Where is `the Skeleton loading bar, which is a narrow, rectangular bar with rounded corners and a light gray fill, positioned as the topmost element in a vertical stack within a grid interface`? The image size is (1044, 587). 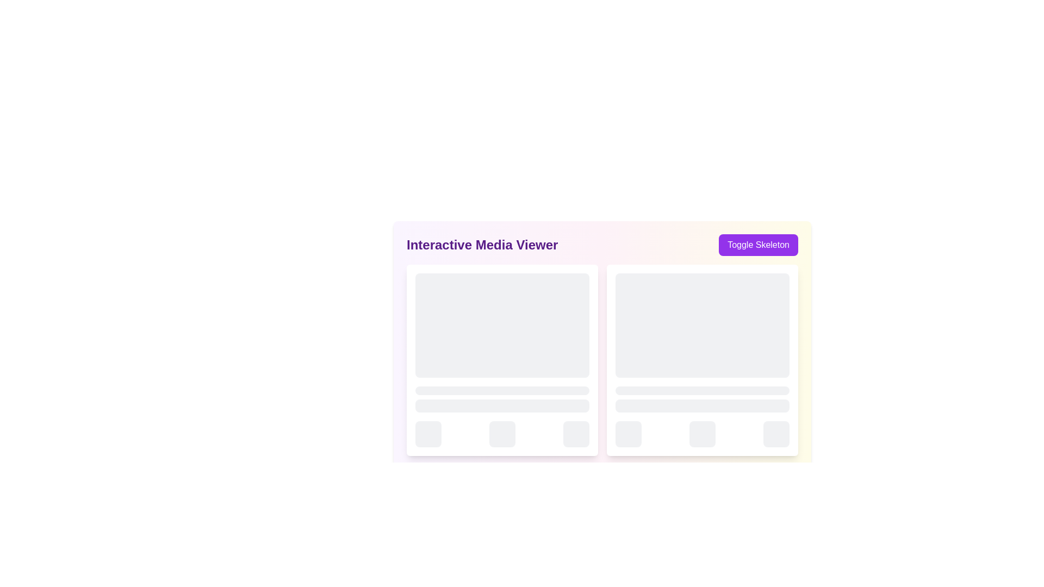
the Skeleton loading bar, which is a narrow, rectangular bar with rounded corners and a light gray fill, positioned as the topmost element in a vertical stack within a grid interface is located at coordinates (502, 390).